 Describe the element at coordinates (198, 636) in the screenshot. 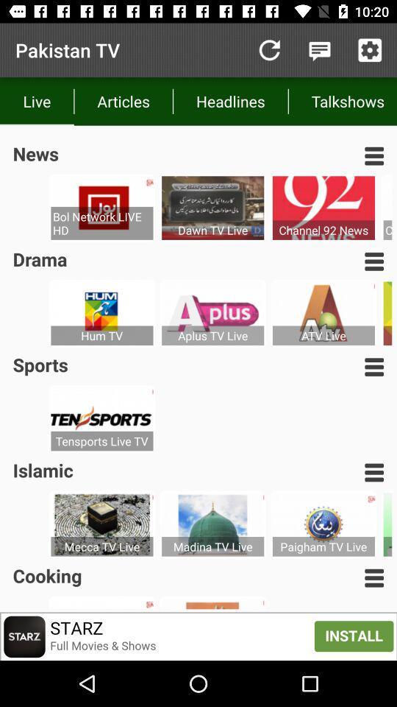

I see `bottom advertisement` at that location.